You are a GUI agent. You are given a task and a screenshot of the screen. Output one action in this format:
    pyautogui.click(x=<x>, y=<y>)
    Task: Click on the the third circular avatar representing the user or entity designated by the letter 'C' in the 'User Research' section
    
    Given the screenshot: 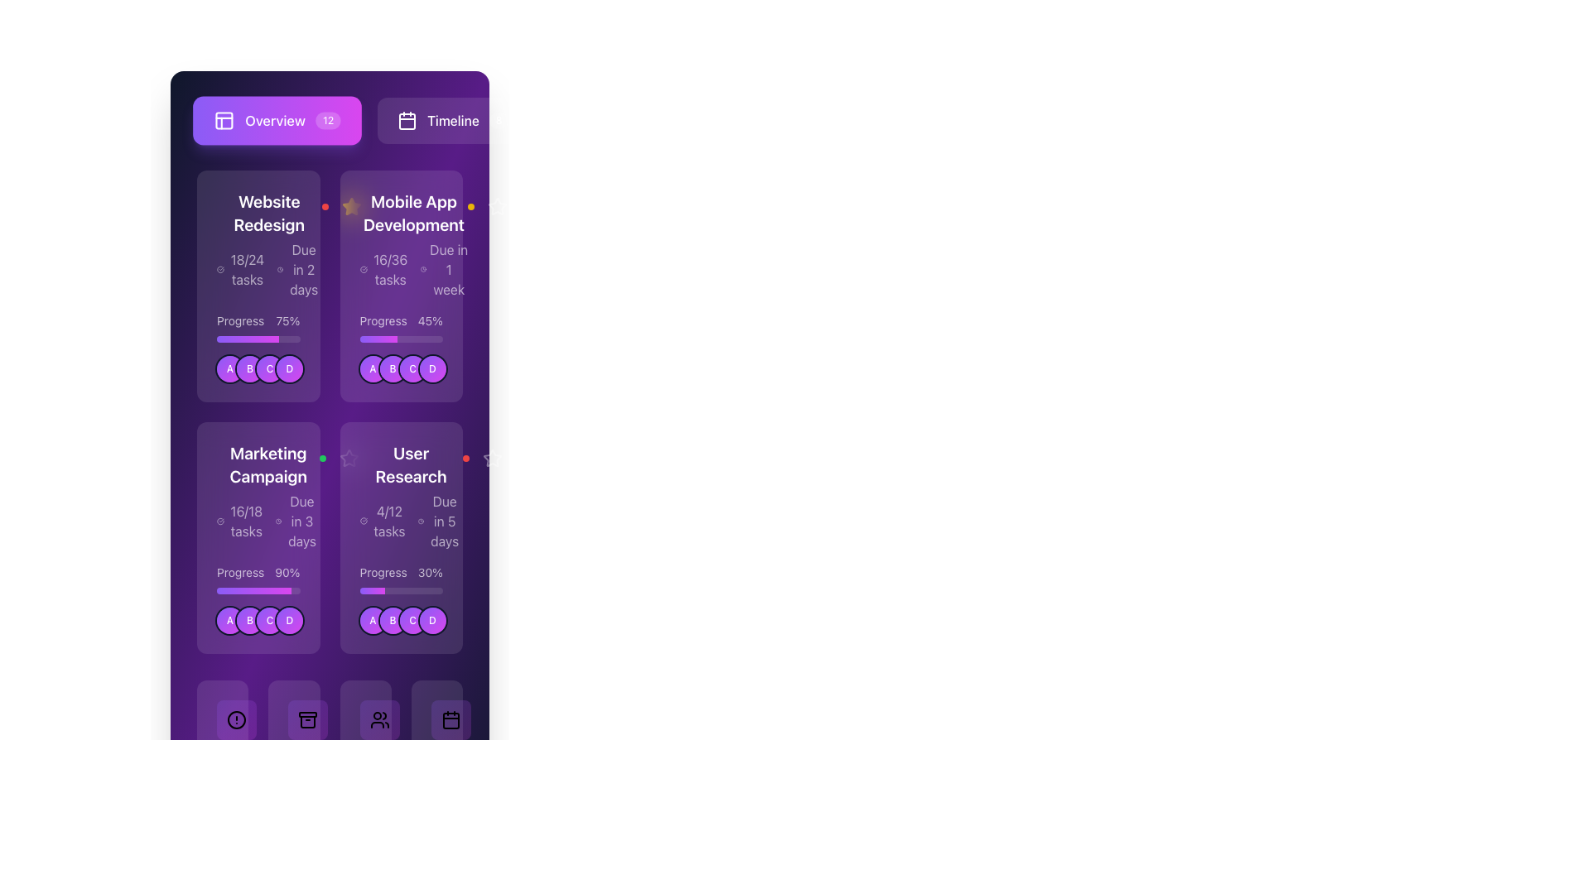 What is the action you would take?
    pyautogui.click(x=412, y=620)
    